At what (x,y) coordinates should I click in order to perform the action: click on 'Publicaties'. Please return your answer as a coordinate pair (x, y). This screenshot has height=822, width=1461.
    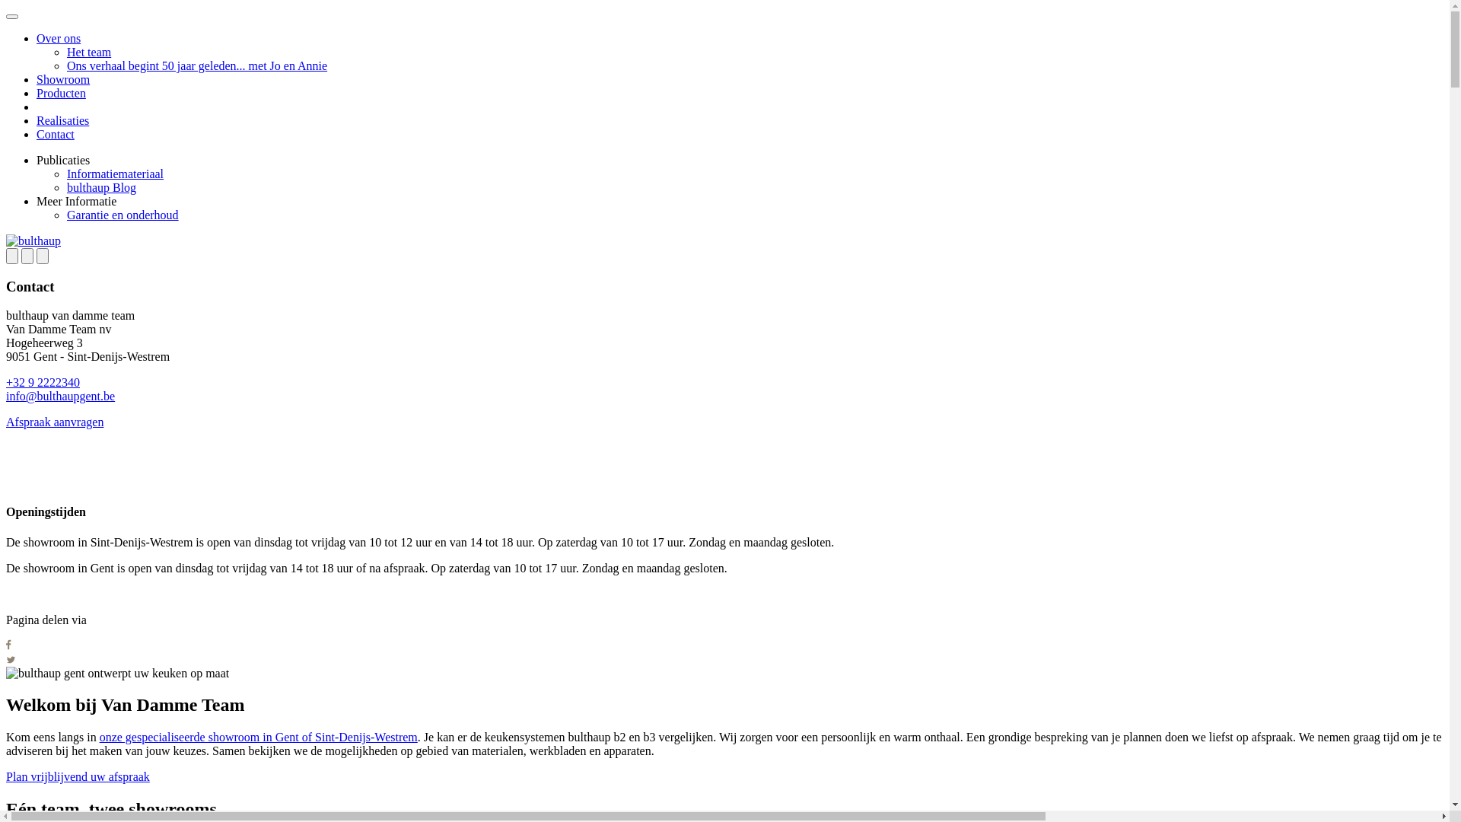
    Looking at the image, I should click on (62, 160).